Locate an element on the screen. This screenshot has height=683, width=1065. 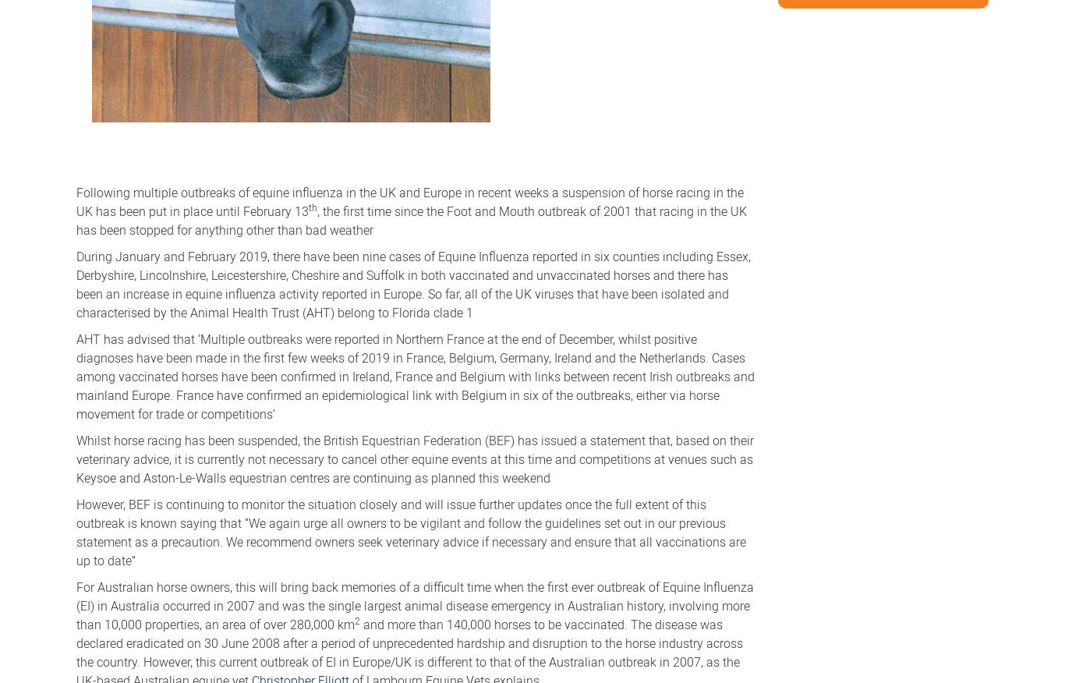
'However, BEF is continuing to monitor the situation closely and will issue further updates once the full extent of this outbreak is known saying that “We again urge all owners to be vigilant and follow the guidelines set out in our previous statement as a precaution. We recommend owners seek veterinary advice if necessary and ensure that all vaccinations are up to date”' is located at coordinates (411, 530).